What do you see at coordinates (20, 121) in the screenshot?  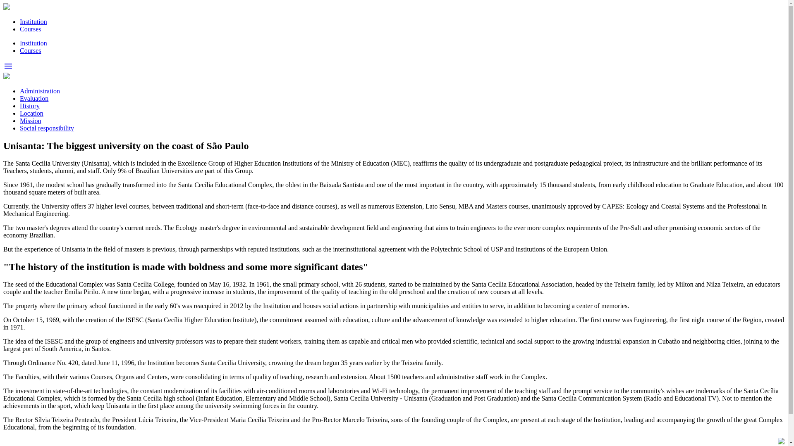 I see `'Mission'` at bounding box center [20, 121].